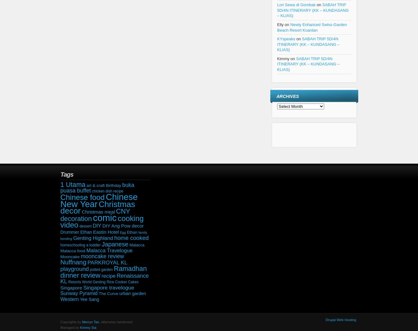  What do you see at coordinates (122, 282) in the screenshot?
I see `'Rice Cooker Cakes'` at bounding box center [122, 282].